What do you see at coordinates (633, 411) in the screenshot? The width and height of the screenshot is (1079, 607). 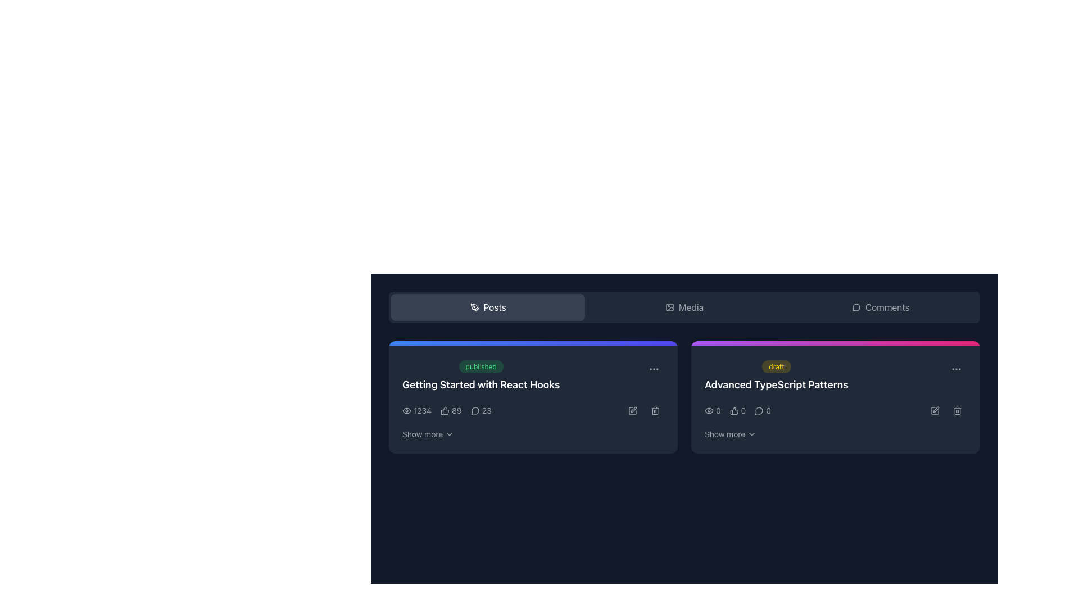 I see `the icon button resembling a partial pen or square outline, located at the bottom-right corner of the card titled 'Getting Started with React Hooks', to initiate an editing action` at bounding box center [633, 411].